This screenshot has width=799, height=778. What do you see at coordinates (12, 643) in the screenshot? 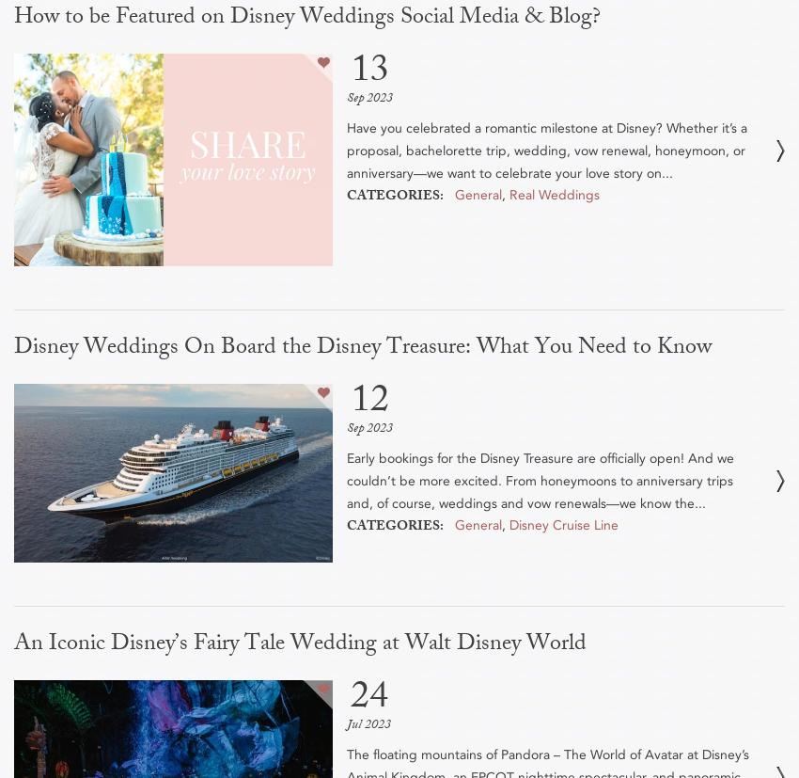
I see `'An Iconic Disney’s Fairy Tale Wedding at Walt Disney World'` at bounding box center [12, 643].